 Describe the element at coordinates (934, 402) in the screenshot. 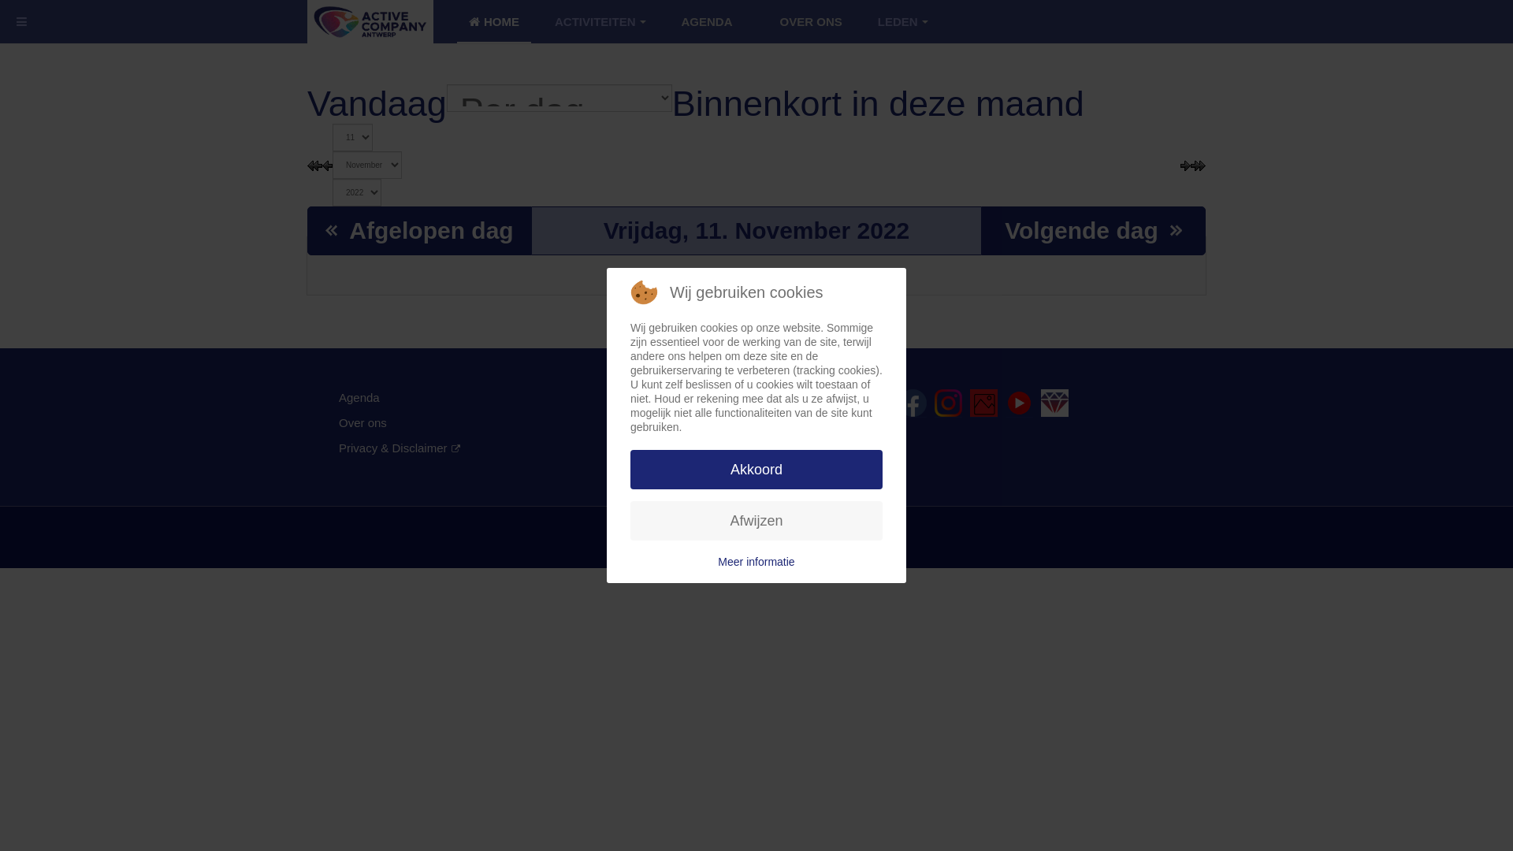

I see `'Instagram'` at that location.